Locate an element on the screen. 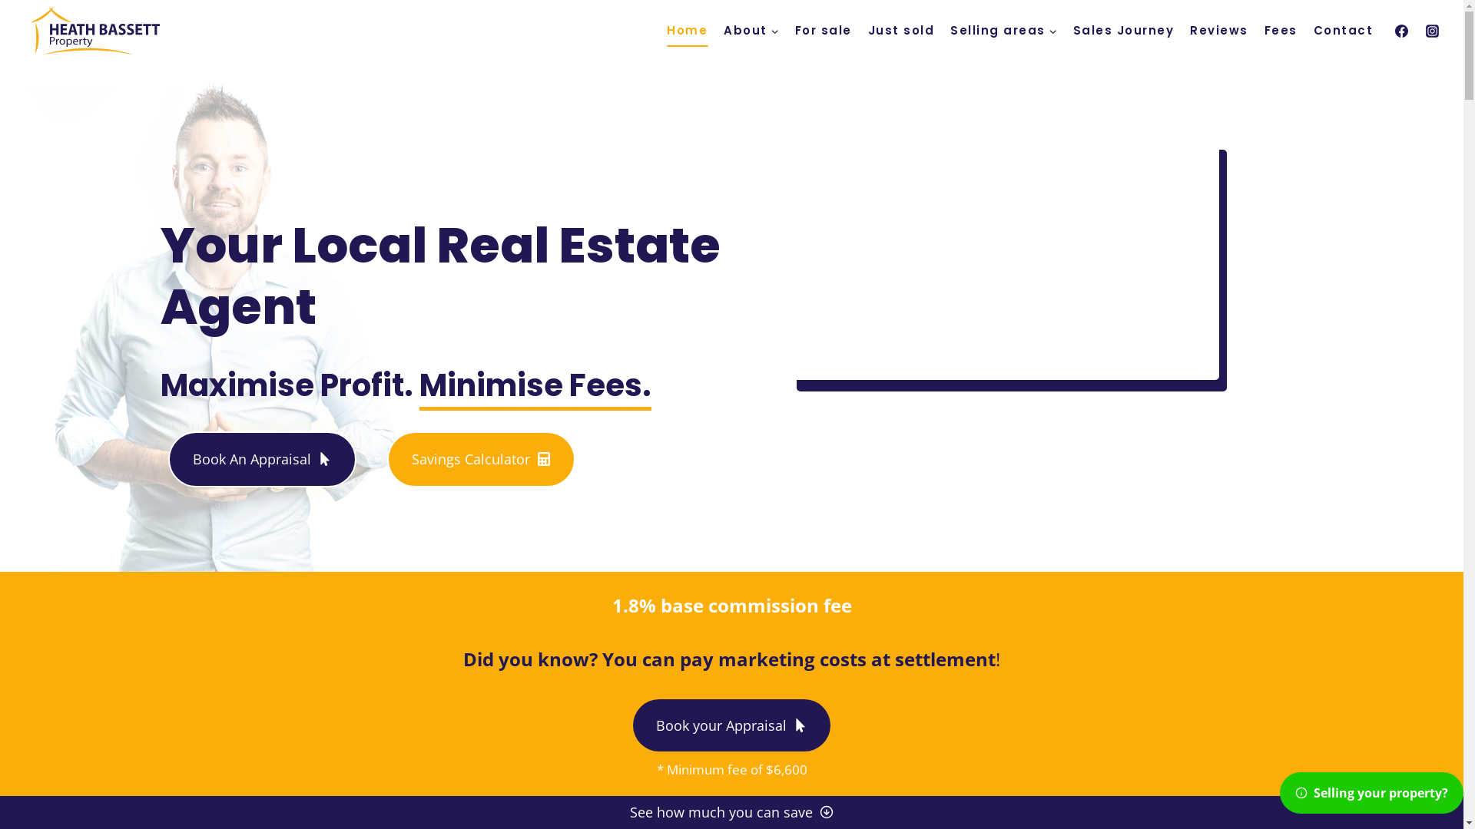 The width and height of the screenshot is (1475, 829). 'Sales Journey' is located at coordinates (1123, 30).